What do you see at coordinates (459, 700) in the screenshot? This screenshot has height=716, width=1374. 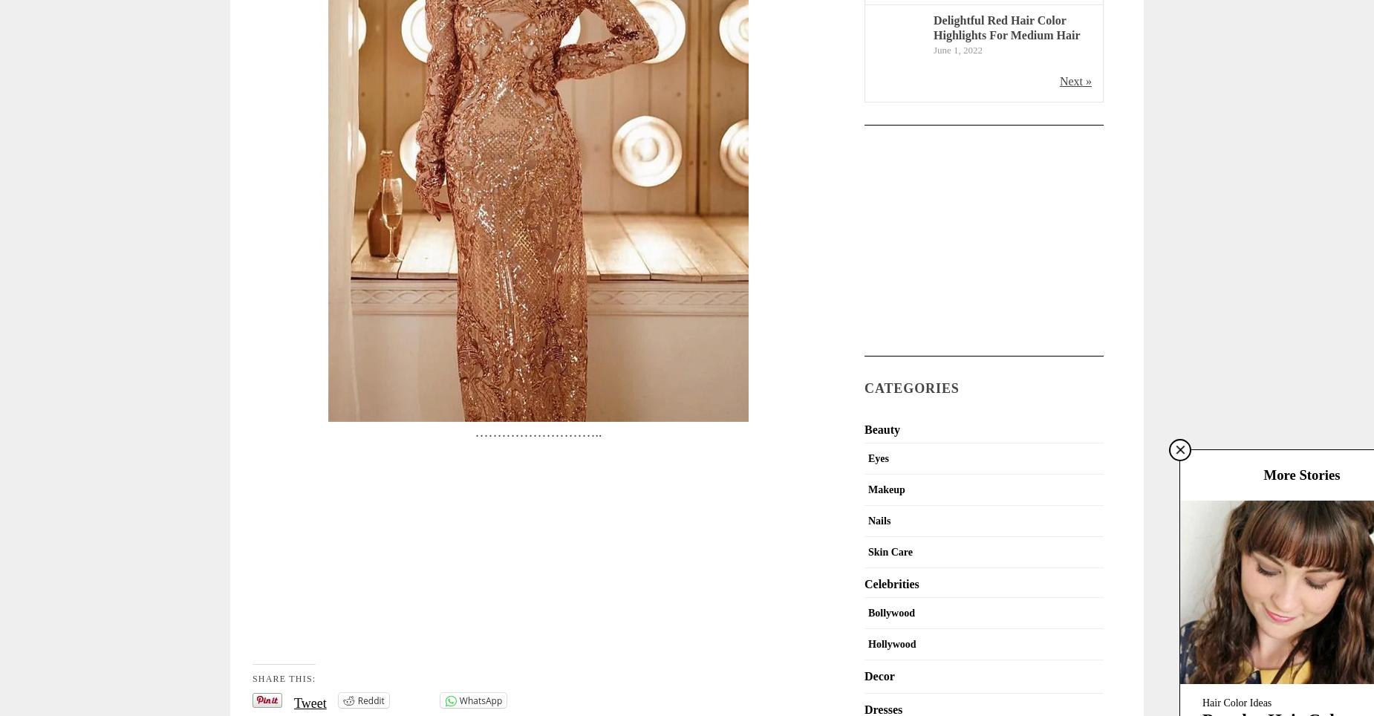 I see `'WhatsApp'` at bounding box center [459, 700].